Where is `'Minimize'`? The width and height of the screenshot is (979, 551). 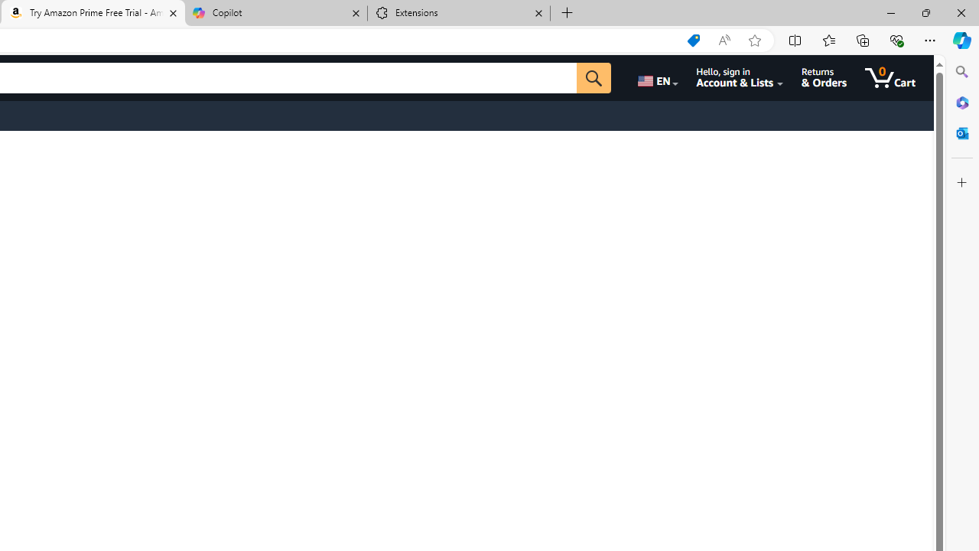
'Minimize' is located at coordinates (890, 12).